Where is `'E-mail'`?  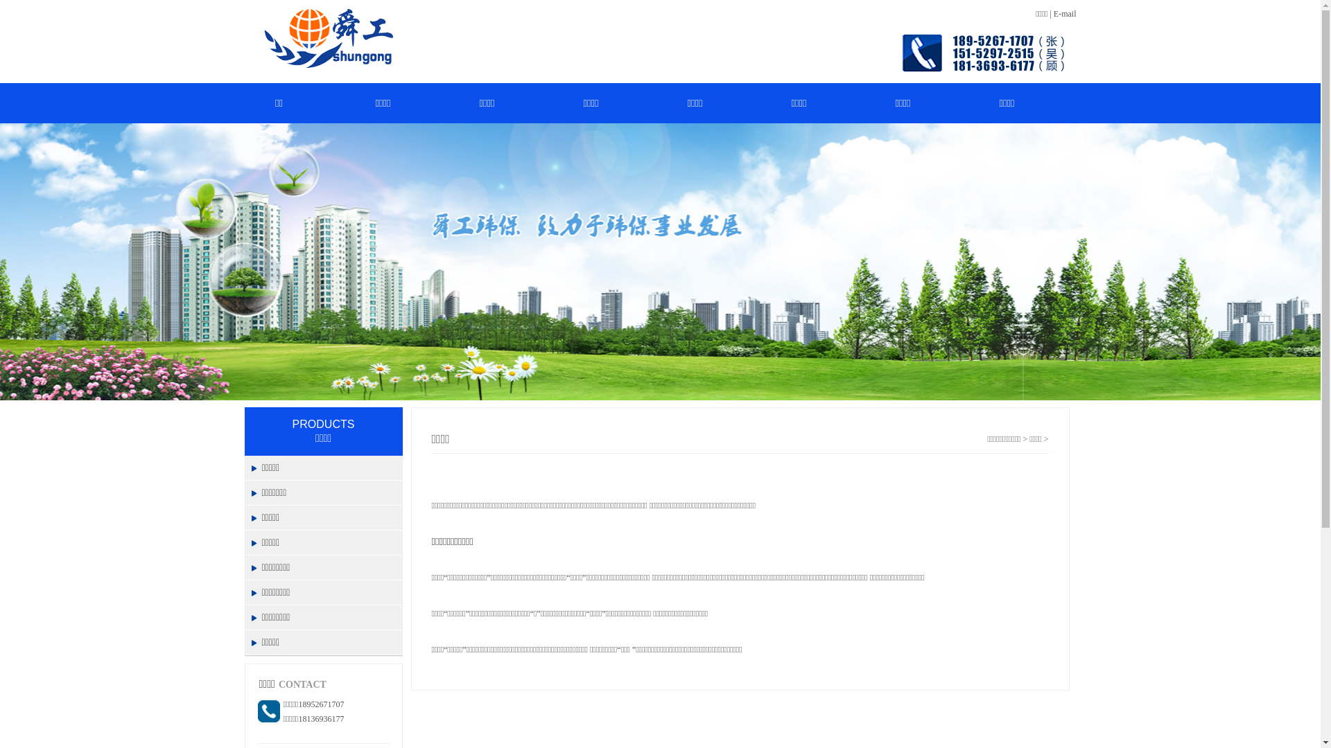
'E-mail' is located at coordinates (1064, 13).